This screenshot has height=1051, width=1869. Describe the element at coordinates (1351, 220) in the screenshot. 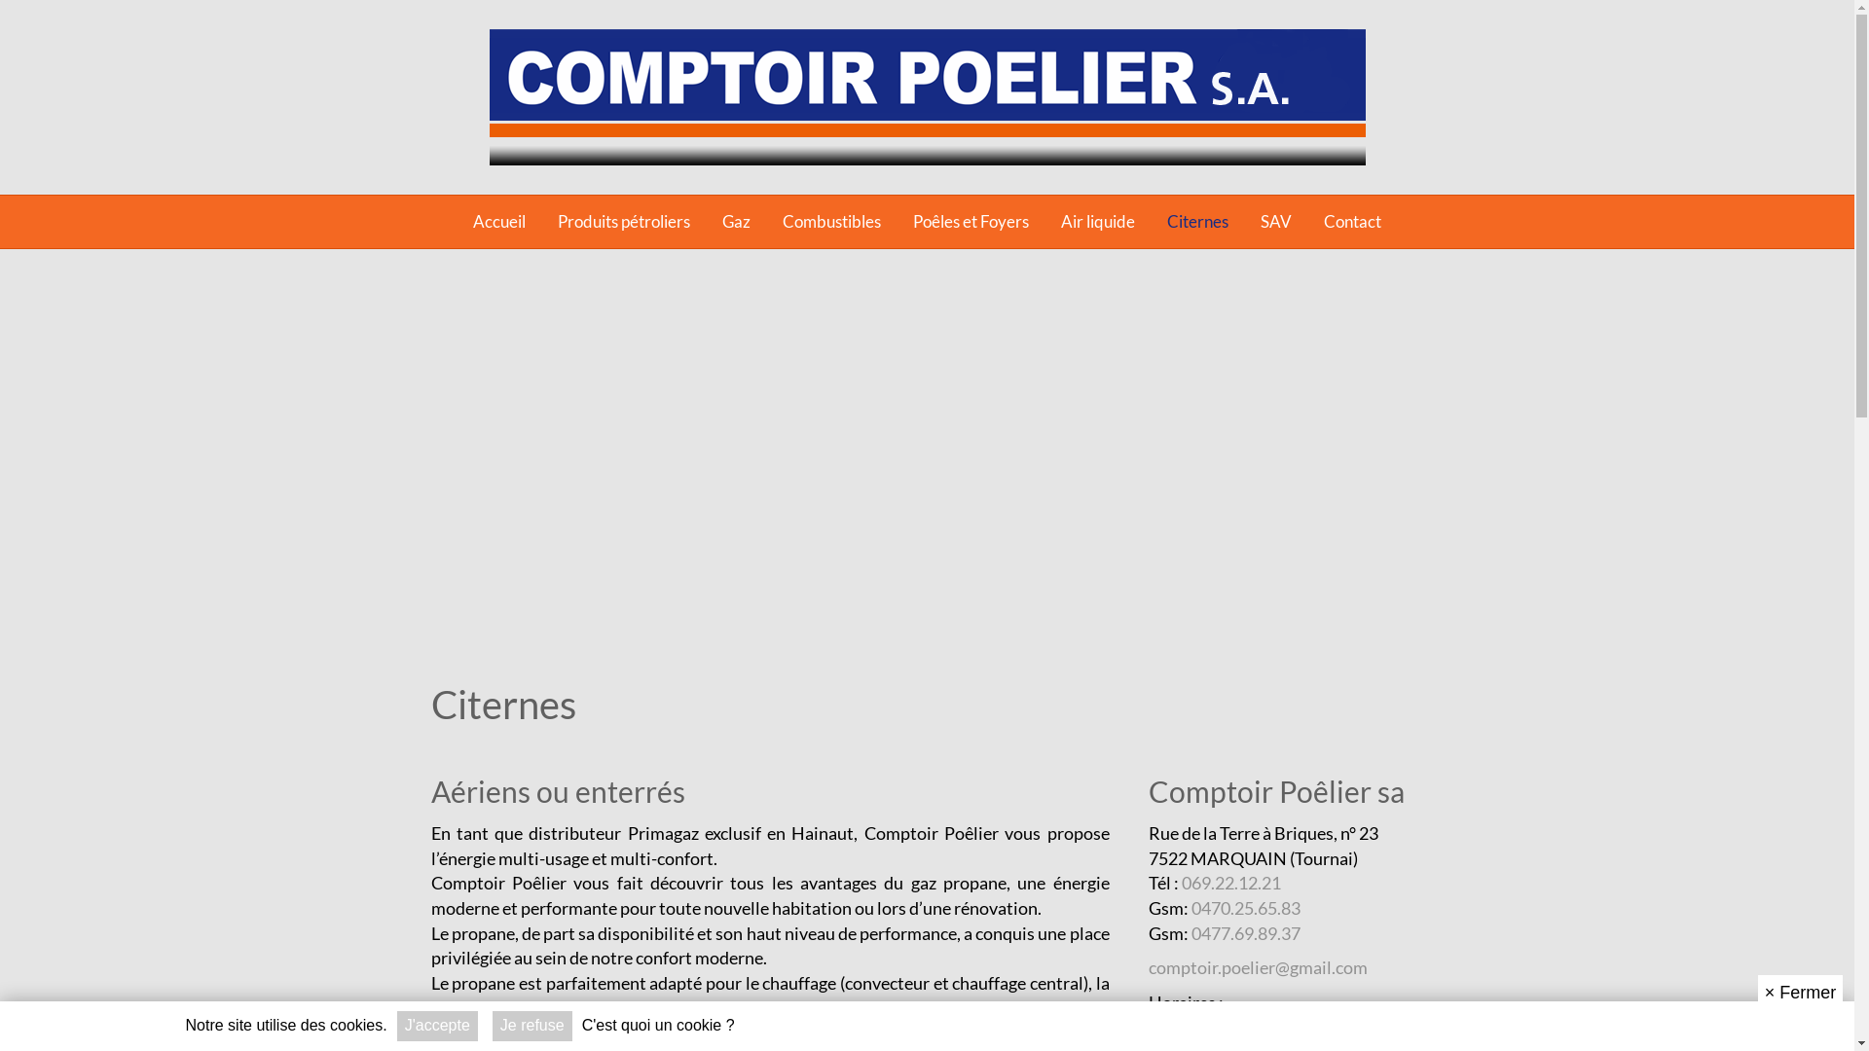

I see `'Contact'` at that location.